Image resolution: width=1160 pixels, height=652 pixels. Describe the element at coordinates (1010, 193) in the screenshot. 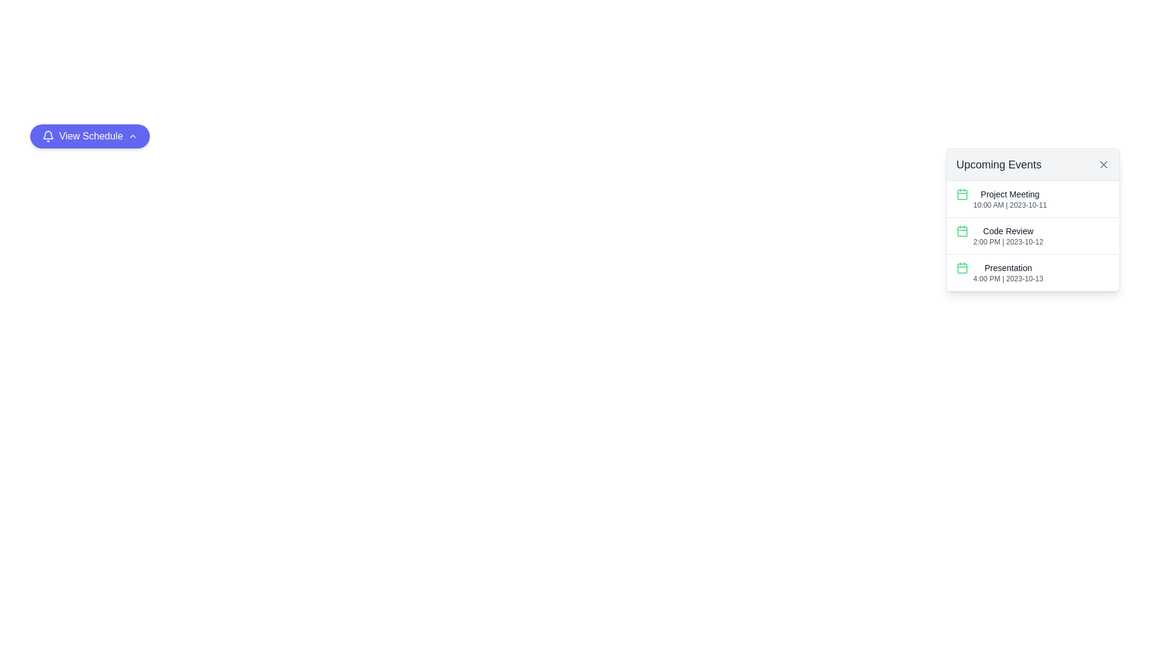

I see `the text display element labeled 'Project Meeting', which is part of the 'Upcoming Events' card located at the top-right section of the interface` at that location.